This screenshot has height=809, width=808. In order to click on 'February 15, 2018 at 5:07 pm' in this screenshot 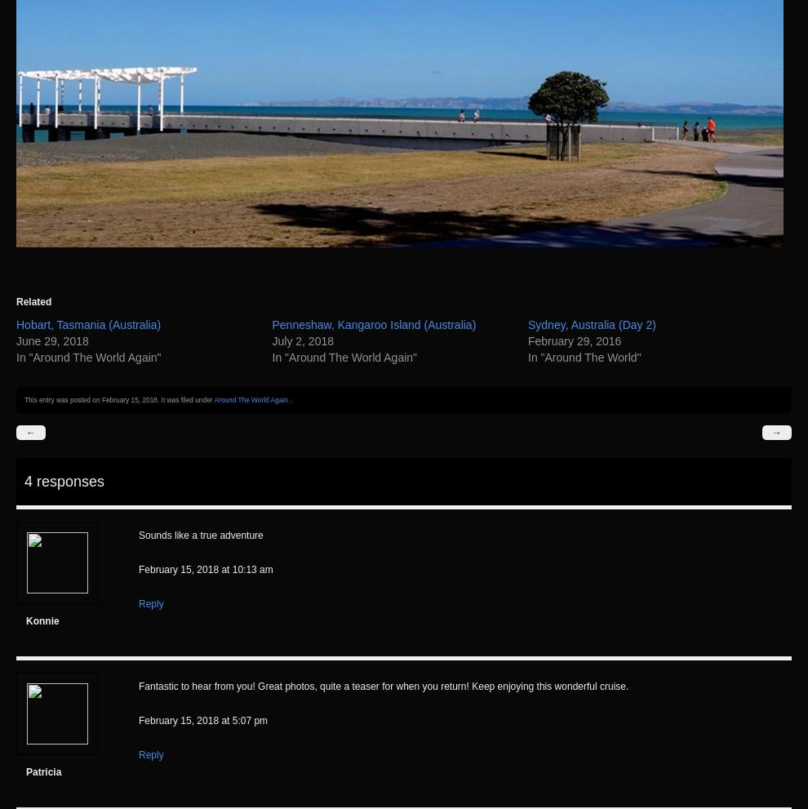, I will do `click(202, 720)`.